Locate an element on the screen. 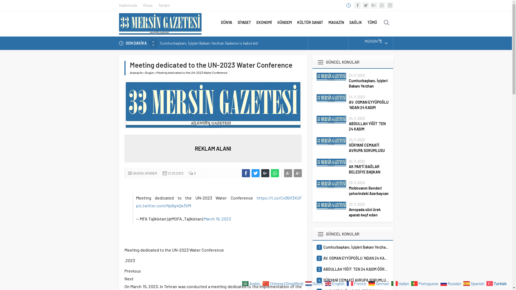 This screenshot has height=290, width=516. 'Russian' is located at coordinates (451, 283).